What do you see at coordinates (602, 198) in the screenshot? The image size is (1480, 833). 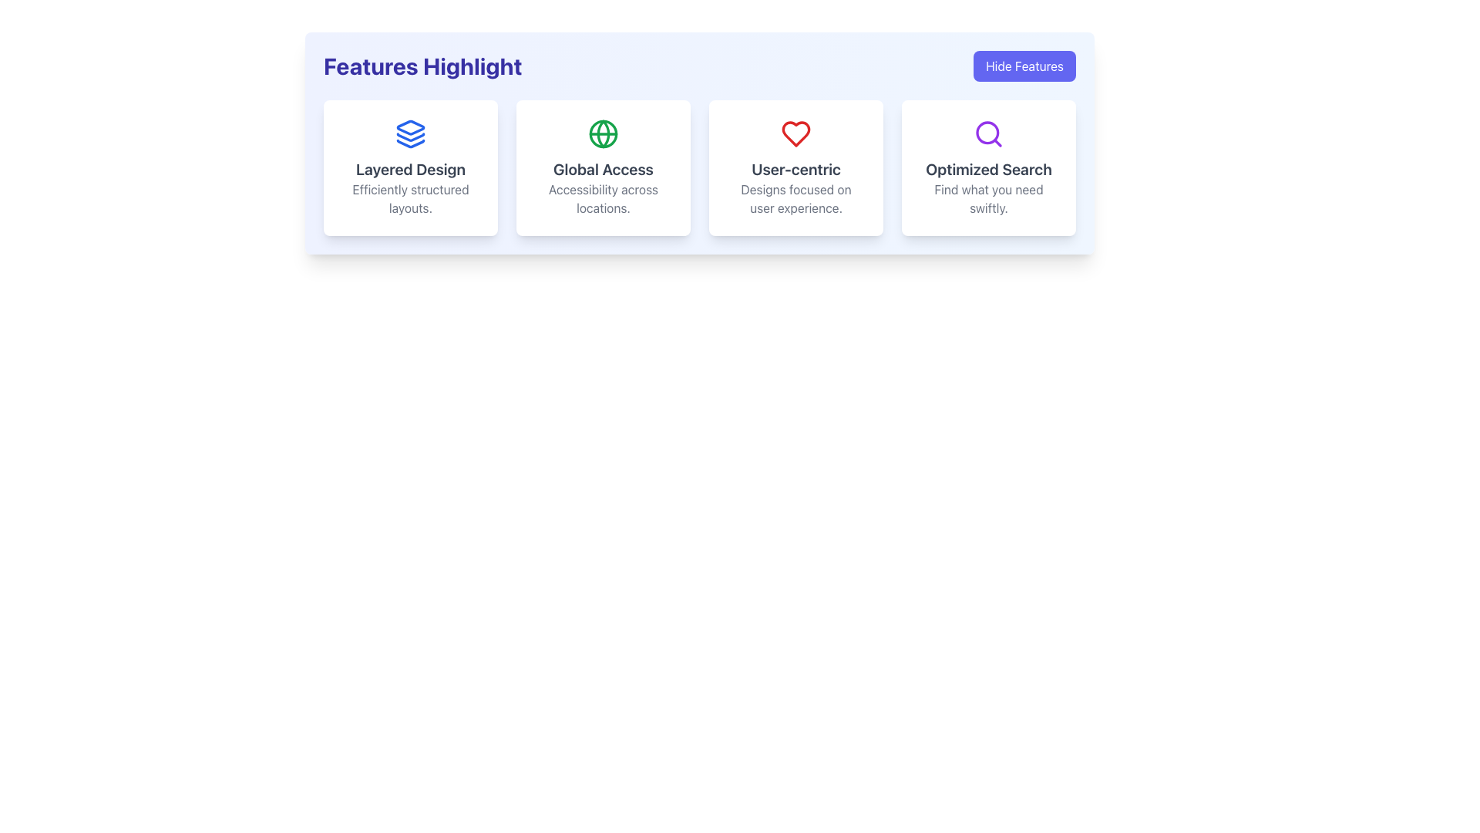 I see `the static text element providing a description for the 'Global Access' feature, positioned below the bolded title text in the second feature card` at bounding box center [602, 198].